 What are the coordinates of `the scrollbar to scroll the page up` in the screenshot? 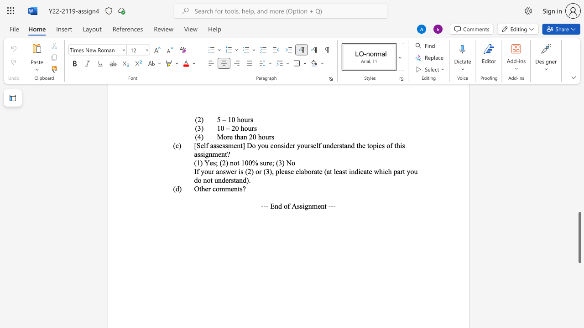 It's located at (579, 128).